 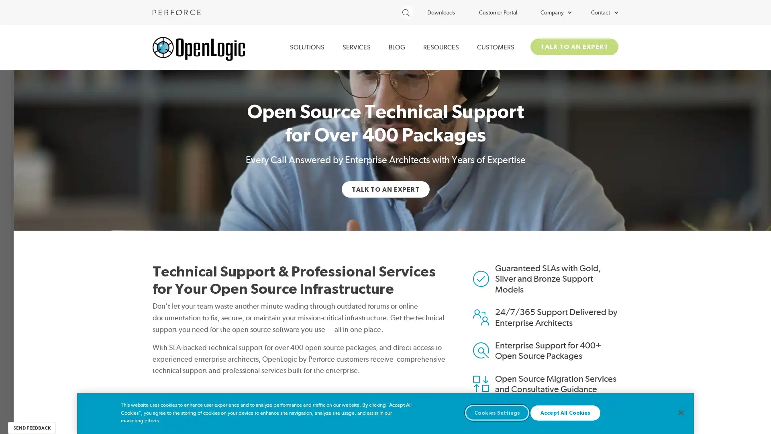 What do you see at coordinates (497, 412) in the screenshot?
I see `Cookies Settings` at bounding box center [497, 412].